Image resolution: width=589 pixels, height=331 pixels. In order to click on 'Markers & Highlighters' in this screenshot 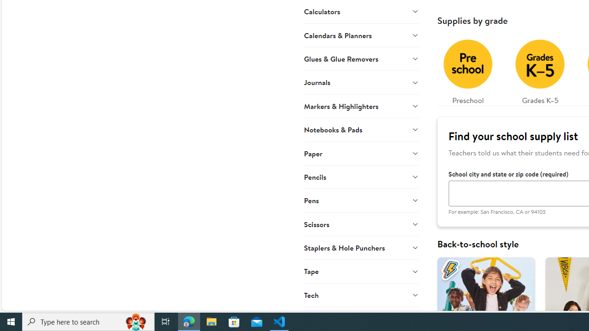, I will do `click(361, 105)`.